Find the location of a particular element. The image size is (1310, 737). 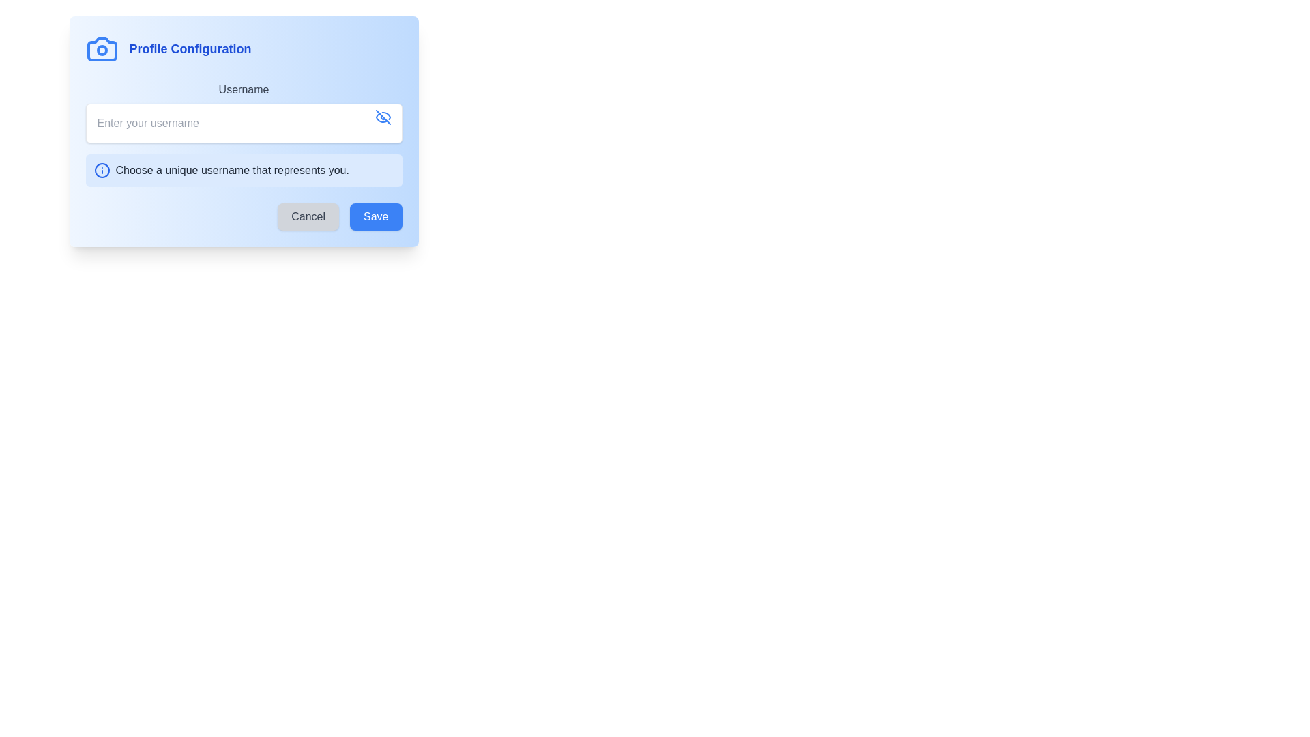

the 'Cancel' button located near the bottom-right corner of the modal is located at coordinates (307, 216).